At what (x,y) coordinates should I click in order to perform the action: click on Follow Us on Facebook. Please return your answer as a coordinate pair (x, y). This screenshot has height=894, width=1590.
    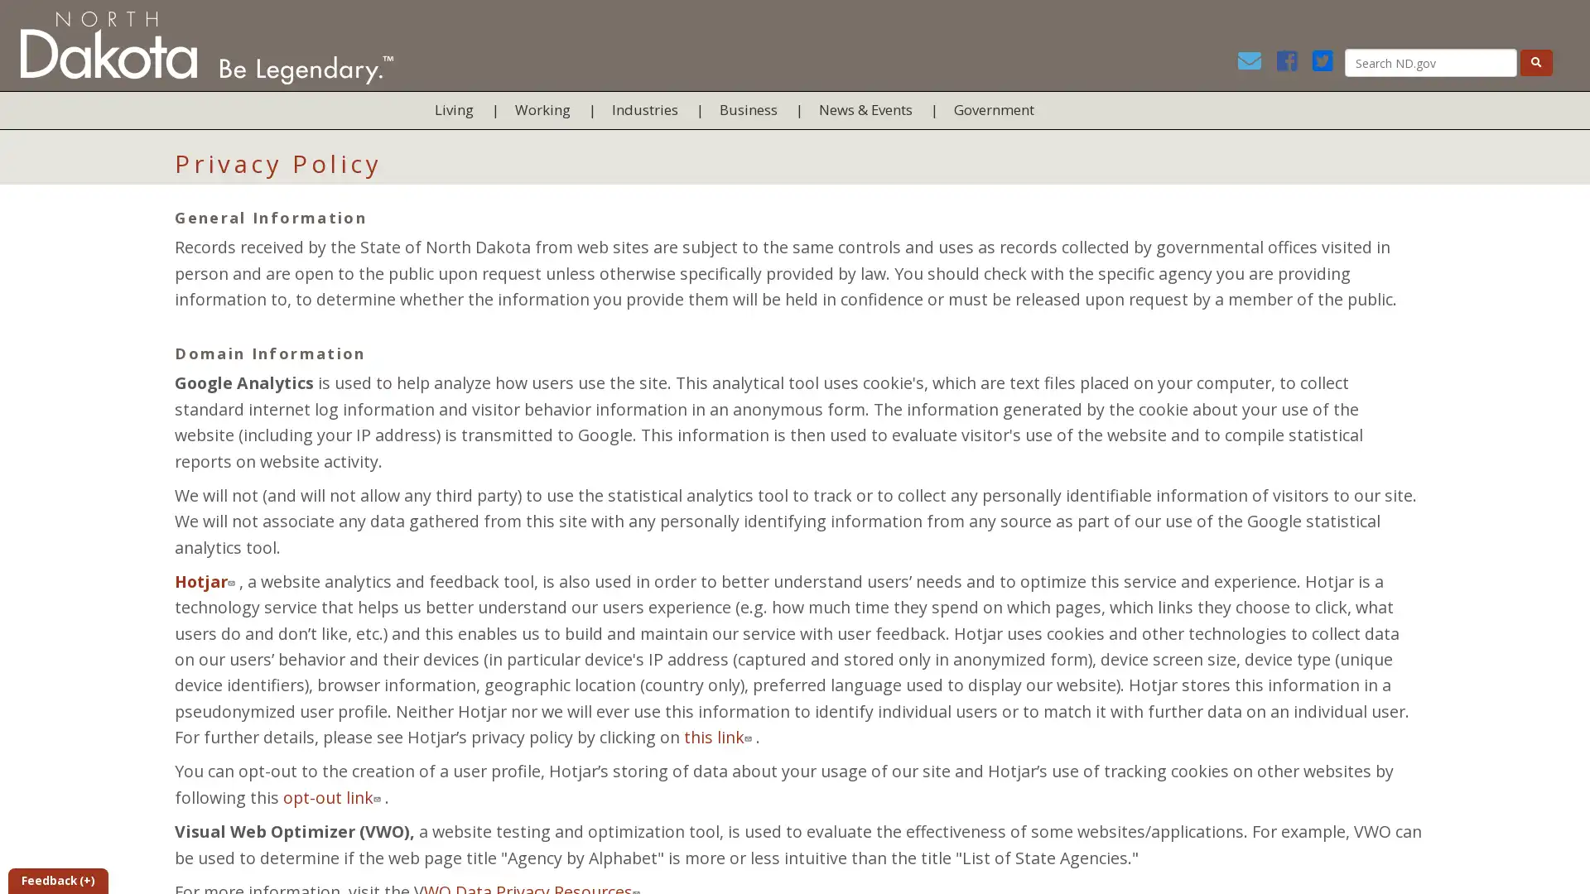
    Looking at the image, I should click on (1291, 64).